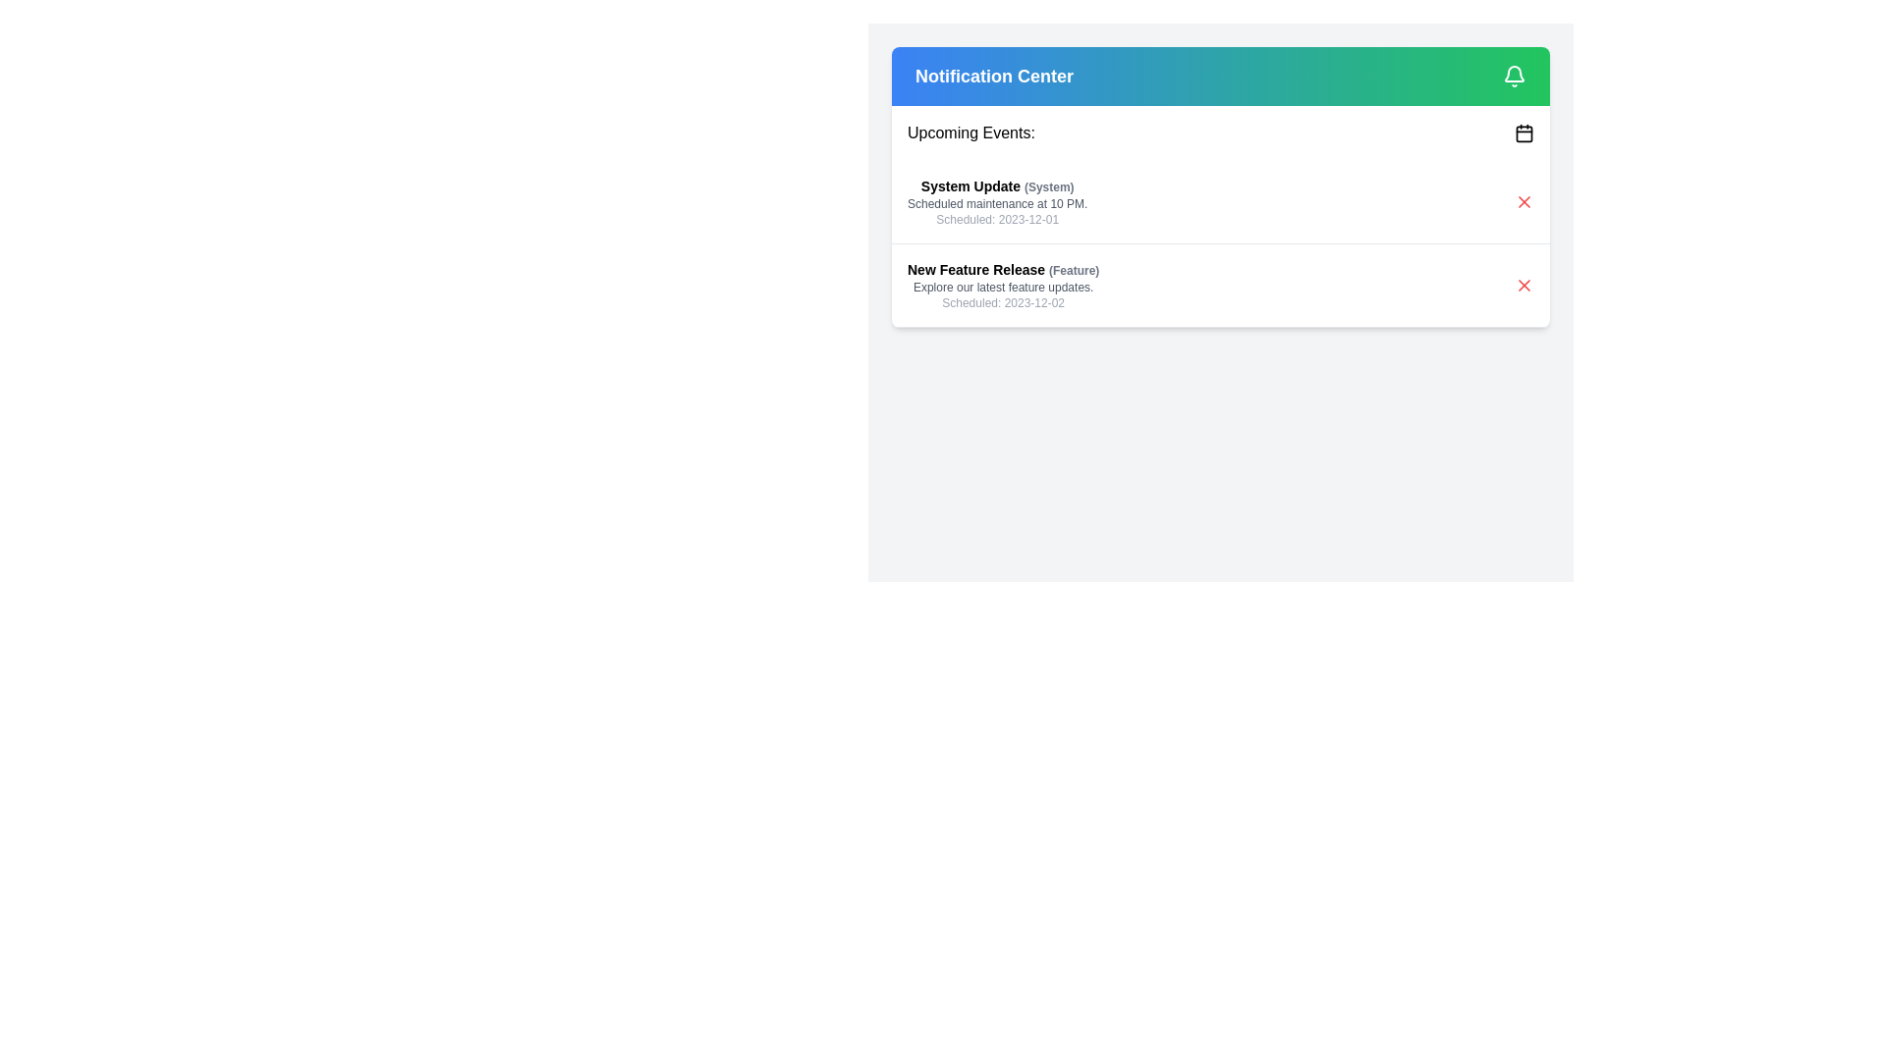 The height and width of the screenshot is (1060, 1886). I want to click on notification details of the second item in the notification center, which displays 'New Feature Release (Feature)' with the subtext 'Explore our latest feature updates.', so click(1220, 285).